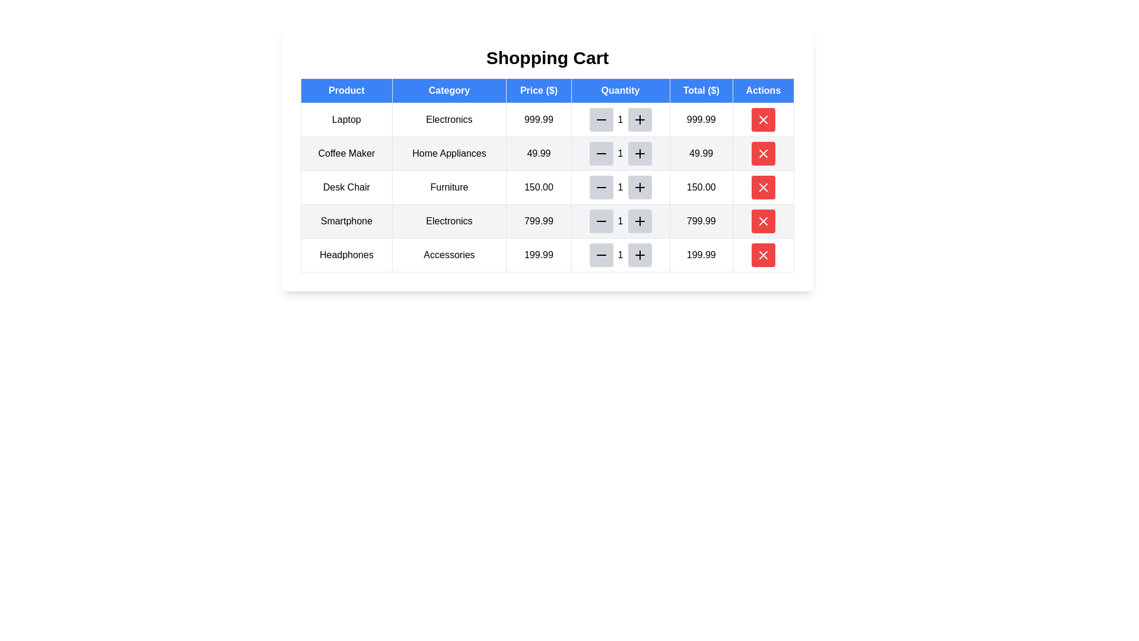  What do you see at coordinates (448, 254) in the screenshot?
I see `the 'Accessories' text label, which is the second item in the 'Category' column of the table, located in the fifth row corresponding to the product 'Headphones'` at bounding box center [448, 254].